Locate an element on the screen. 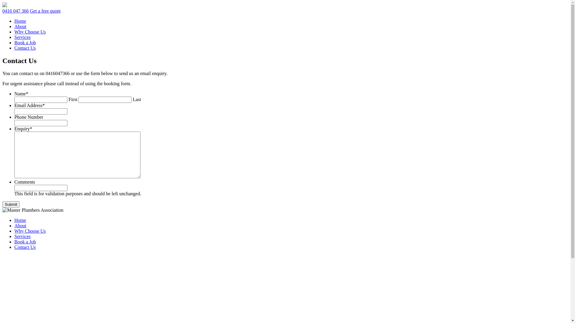 The width and height of the screenshot is (575, 323). 'About' is located at coordinates (20, 26).